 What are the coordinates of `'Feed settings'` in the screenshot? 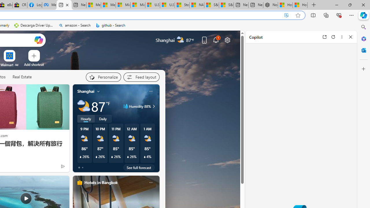 It's located at (141, 77).